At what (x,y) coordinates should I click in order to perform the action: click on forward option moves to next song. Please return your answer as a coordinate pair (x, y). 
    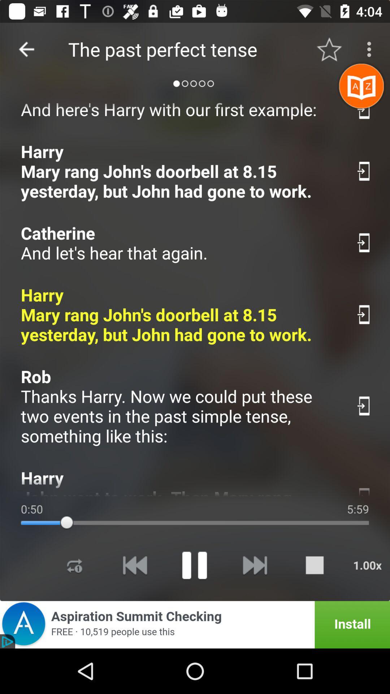
    Looking at the image, I should click on (254, 565).